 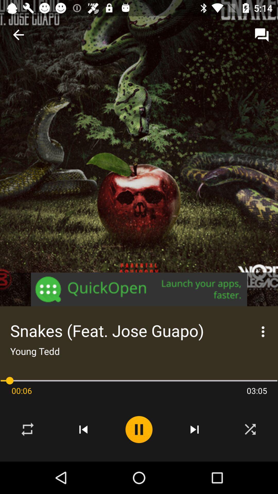 I want to click on the skip_next icon, so click(x=195, y=429).